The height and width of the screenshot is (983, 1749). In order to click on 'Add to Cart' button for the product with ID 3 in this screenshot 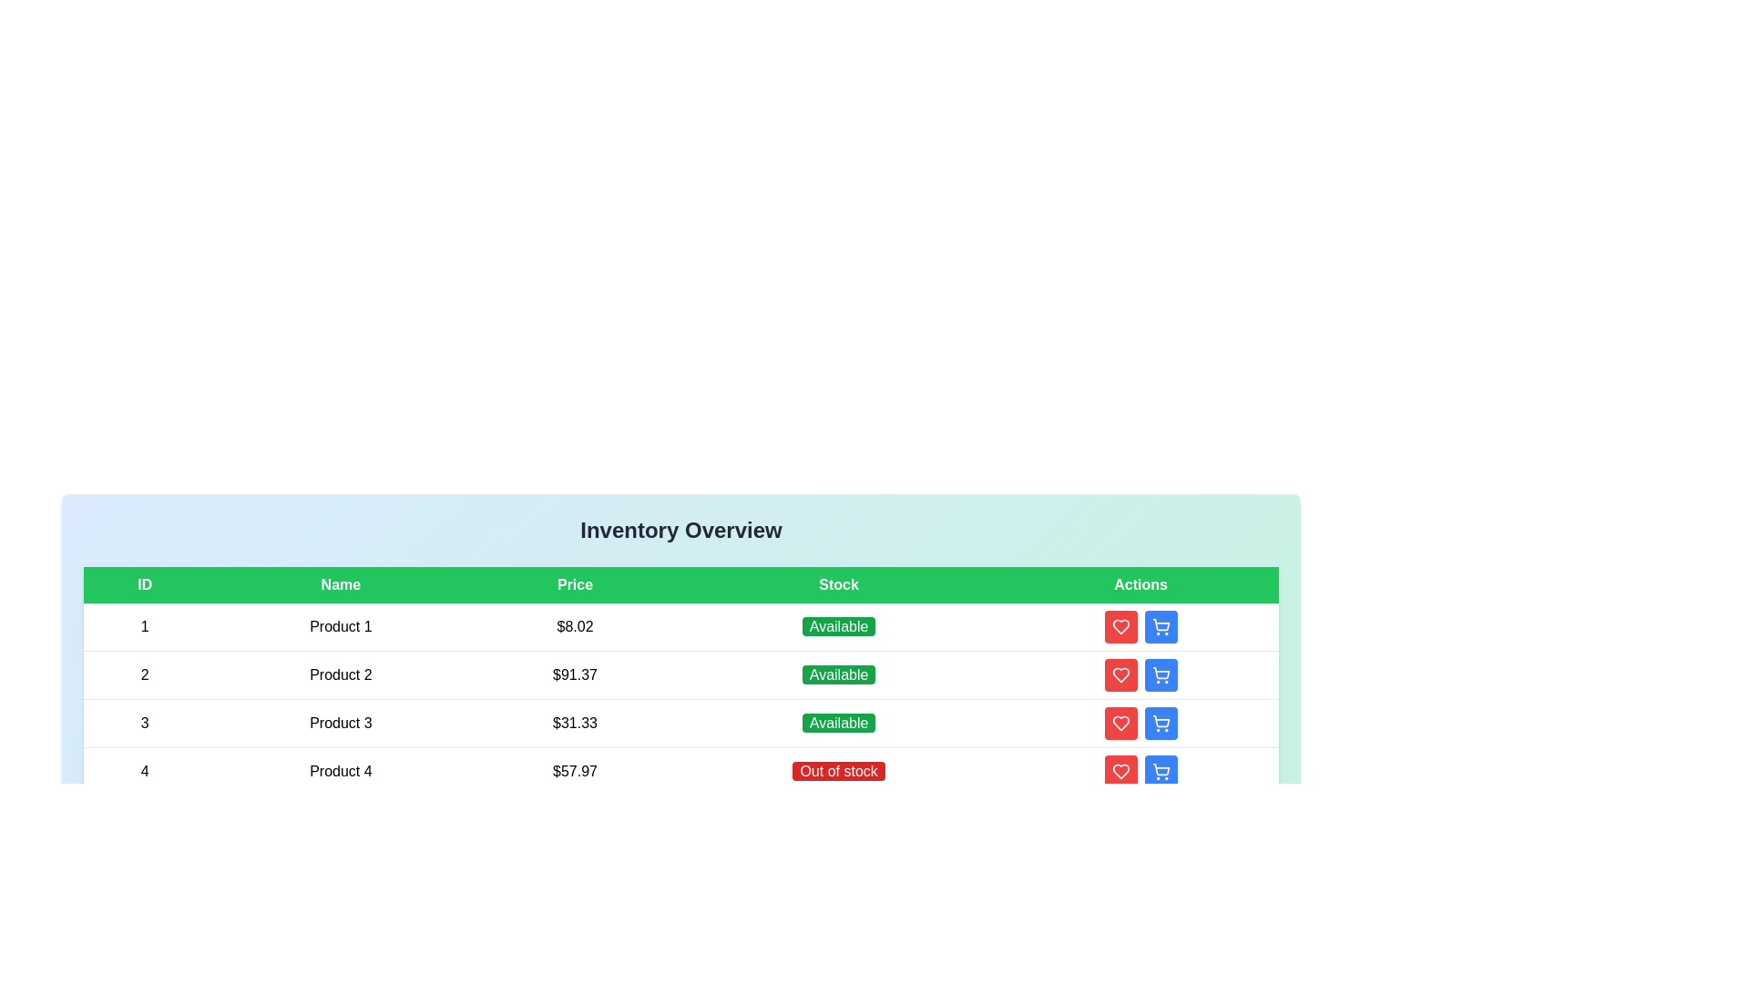, I will do `click(1159, 722)`.